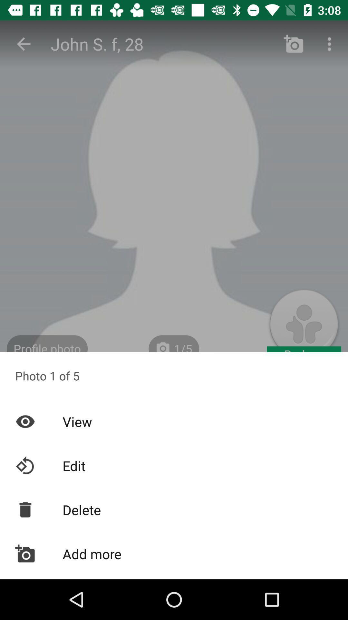 This screenshot has width=348, height=620. Describe the element at coordinates (174, 509) in the screenshot. I see `the delete` at that location.